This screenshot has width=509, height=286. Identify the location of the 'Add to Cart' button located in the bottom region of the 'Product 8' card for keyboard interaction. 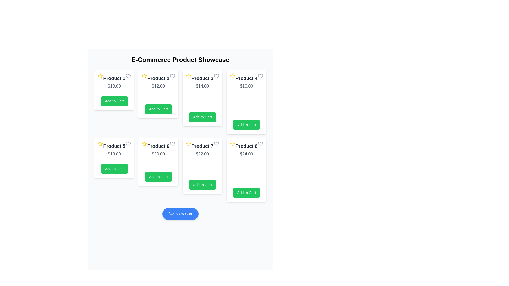
(246, 193).